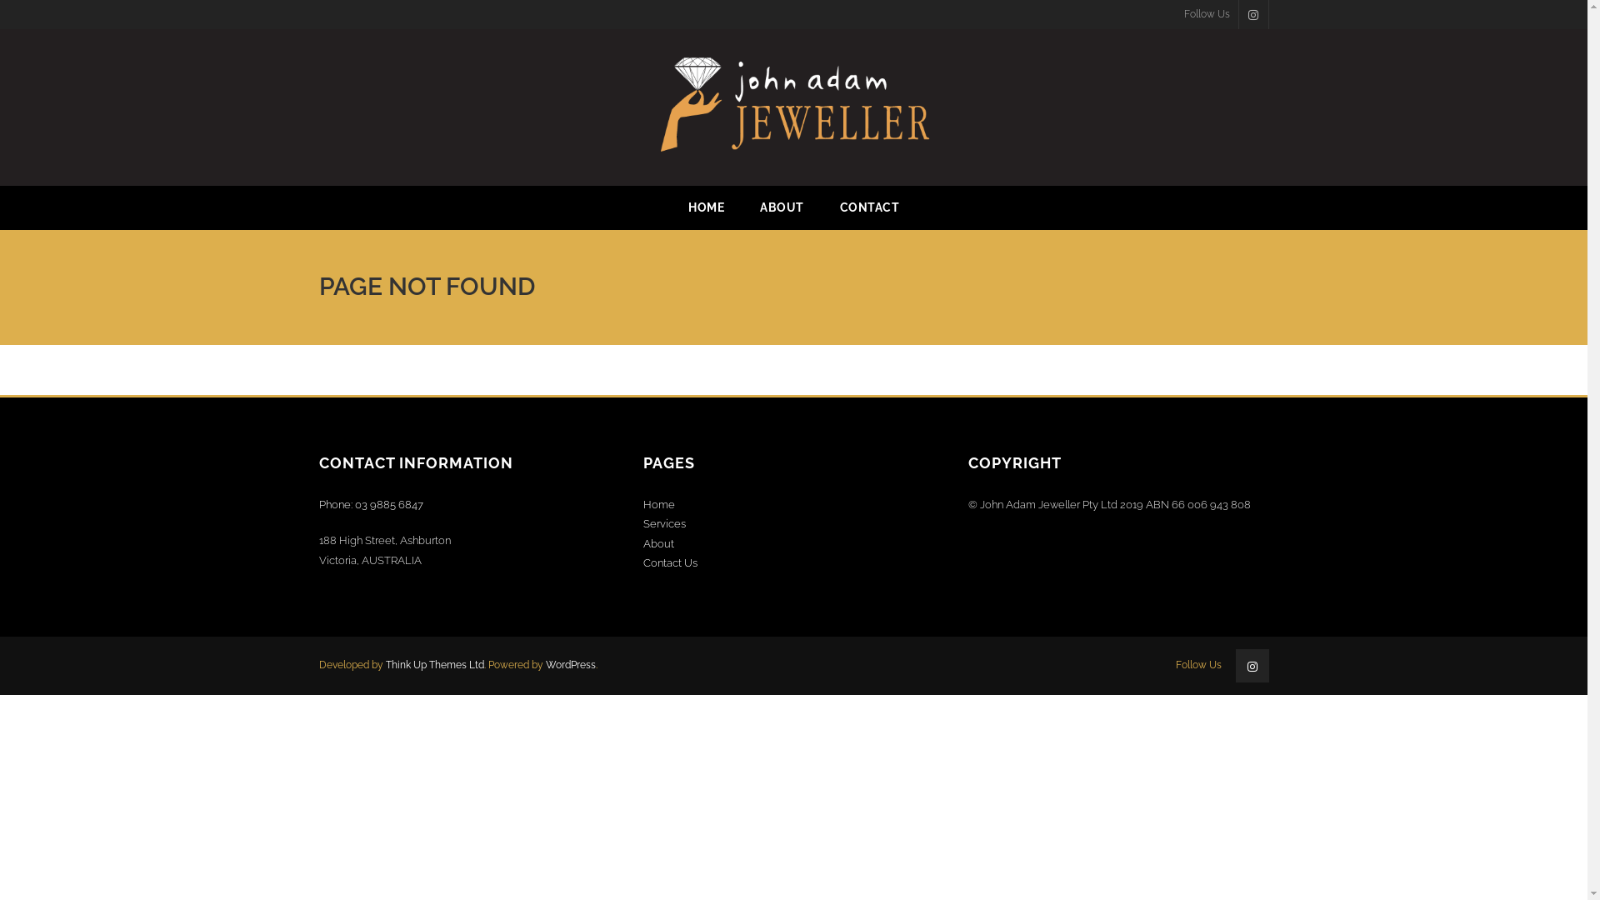 Image resolution: width=1600 pixels, height=900 pixels. I want to click on 'CONTACT', so click(868, 207).